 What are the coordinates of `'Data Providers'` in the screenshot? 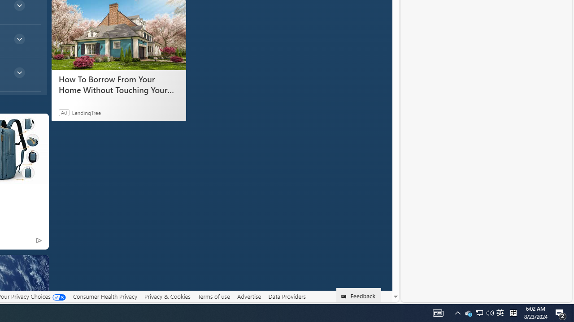 It's located at (287, 297).